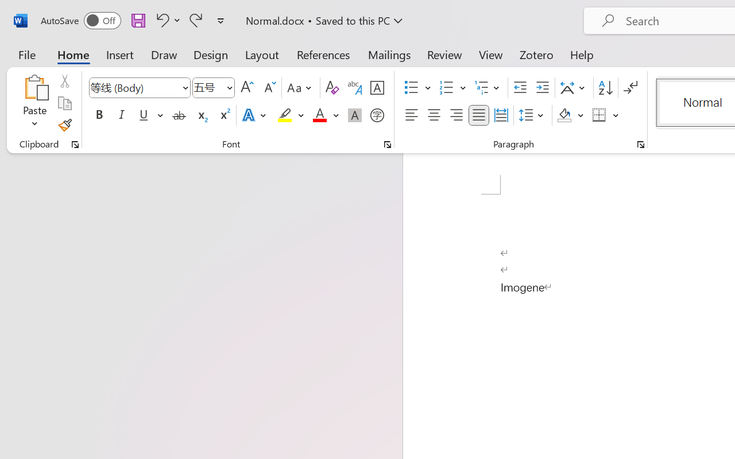  Describe the element at coordinates (630, 88) in the screenshot. I see `'Show/Hide Editing Marks'` at that location.